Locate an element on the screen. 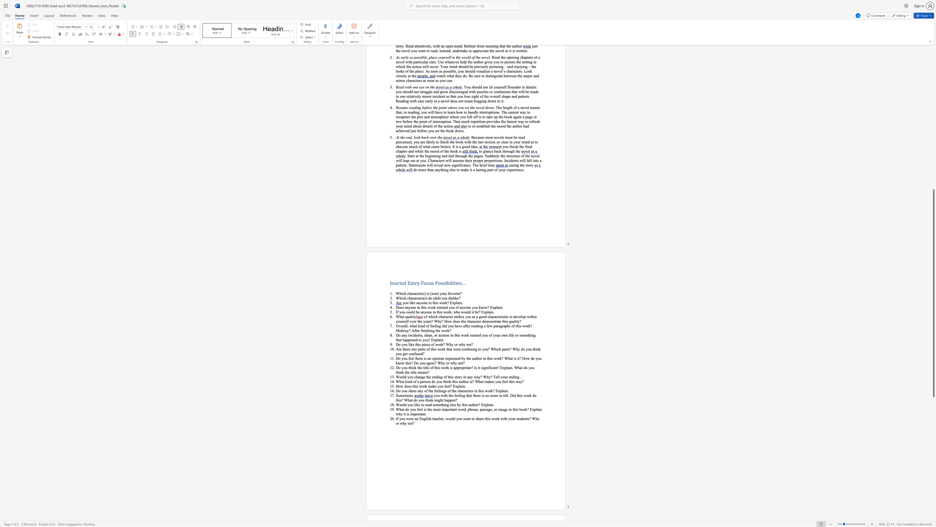 The height and width of the screenshot is (527, 936). the 1th character "m" in the text is located at coordinates (401, 395).